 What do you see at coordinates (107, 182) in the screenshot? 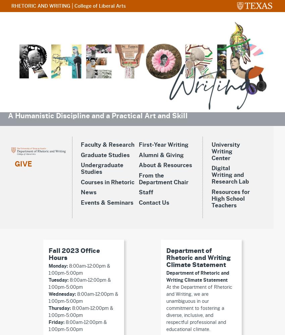
I see `'Courses in Rhetoric'` at bounding box center [107, 182].